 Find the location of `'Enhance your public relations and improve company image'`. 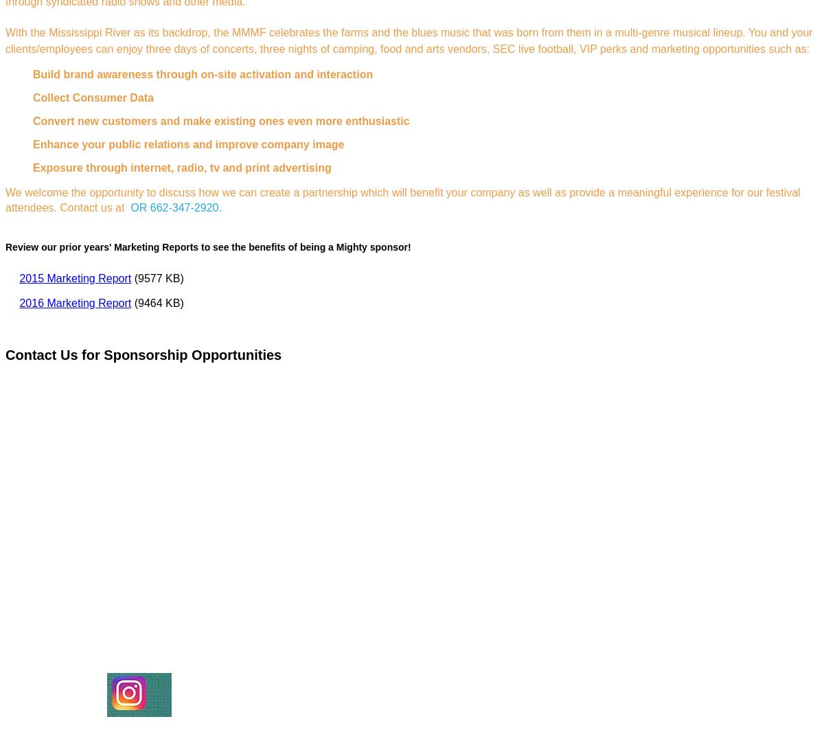

'Enhance your public relations and improve company image' is located at coordinates (187, 144).